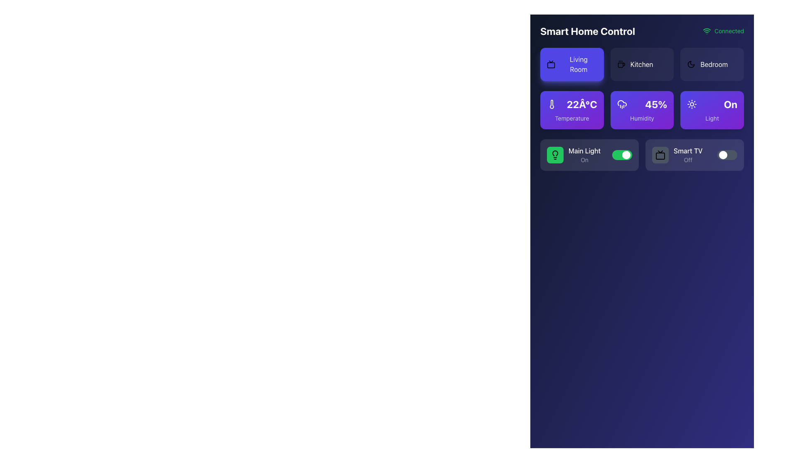 The width and height of the screenshot is (798, 449). I want to click on the 'Bedroom' button featuring a crescent moon icon located in the upper-right corner of the grid layout in the control panel, so click(712, 64).